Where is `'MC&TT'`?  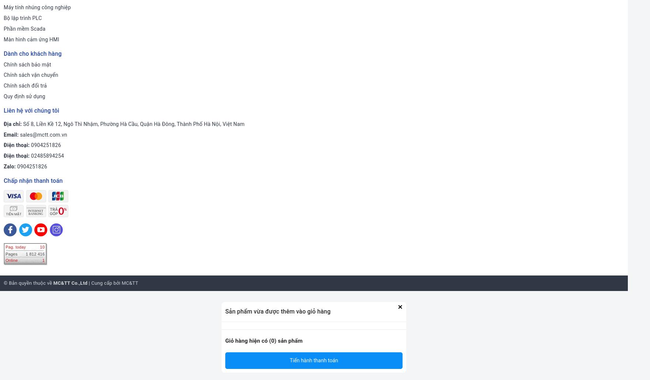 'MC&TT' is located at coordinates (129, 283).